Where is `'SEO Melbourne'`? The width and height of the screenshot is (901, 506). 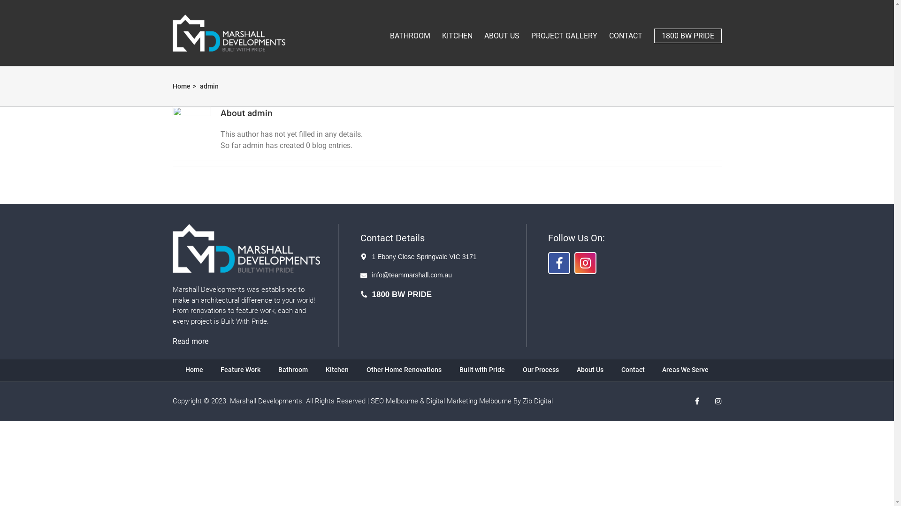 'SEO Melbourne' is located at coordinates (370, 401).